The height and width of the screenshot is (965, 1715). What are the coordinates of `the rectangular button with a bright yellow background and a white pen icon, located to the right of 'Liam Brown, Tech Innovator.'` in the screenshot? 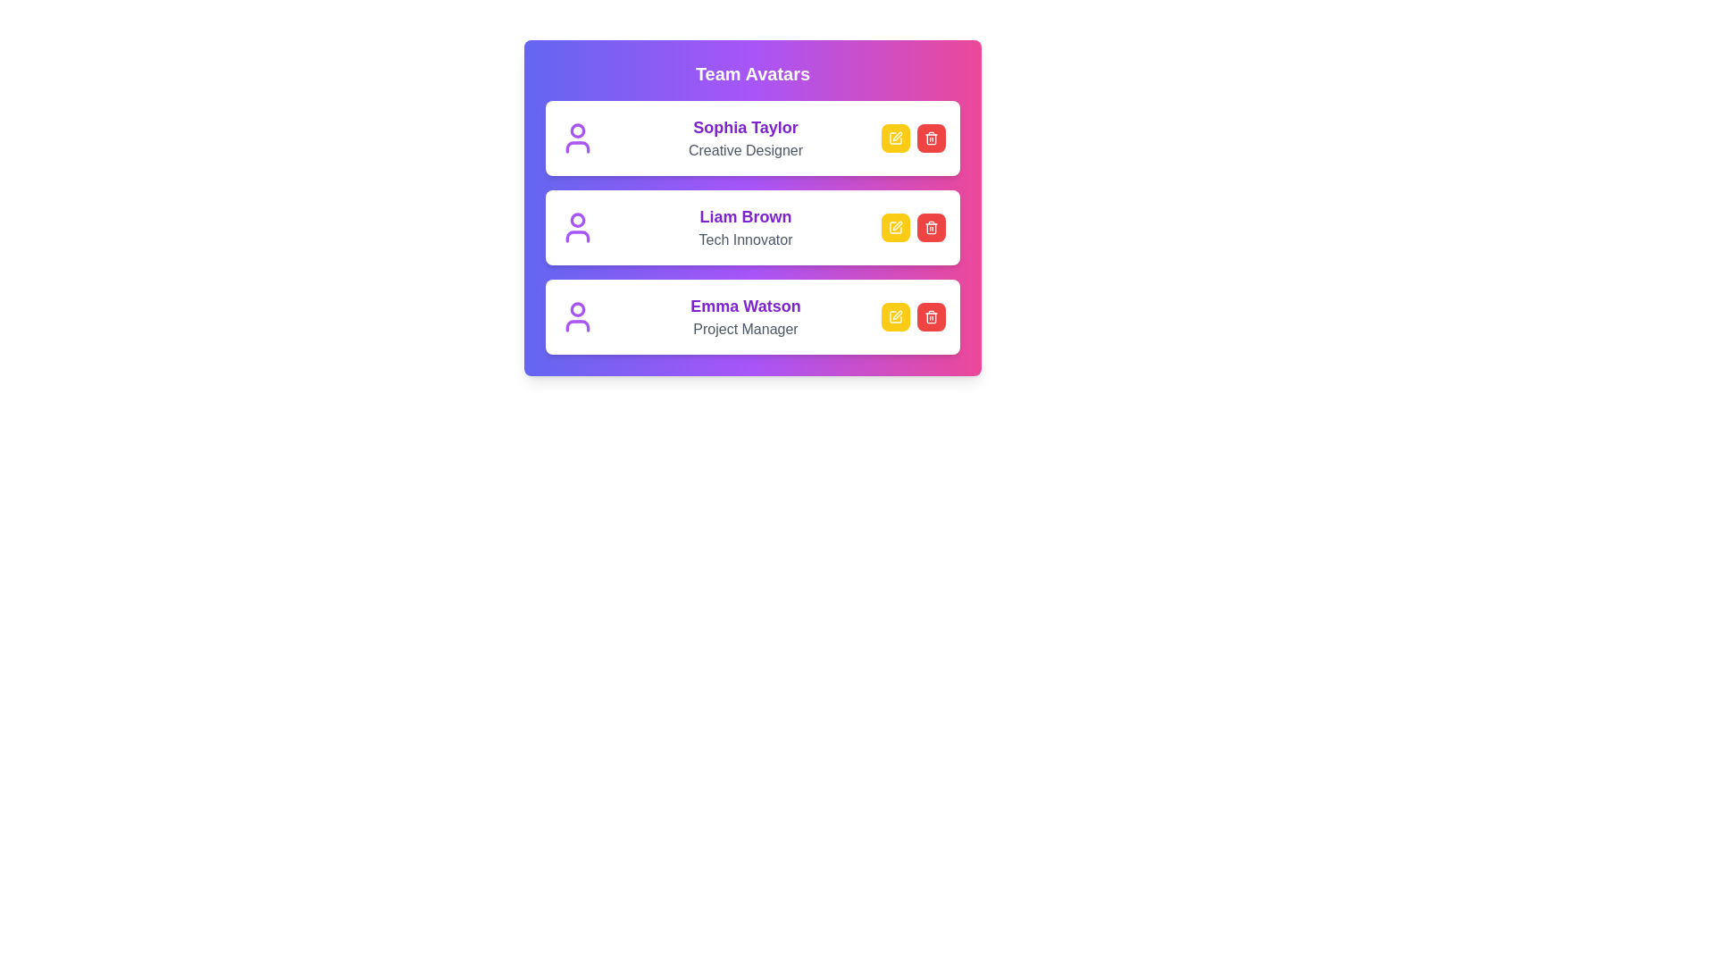 It's located at (896, 226).